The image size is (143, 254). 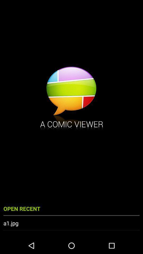 What do you see at coordinates (71, 99) in the screenshot?
I see `icon at the center` at bounding box center [71, 99].